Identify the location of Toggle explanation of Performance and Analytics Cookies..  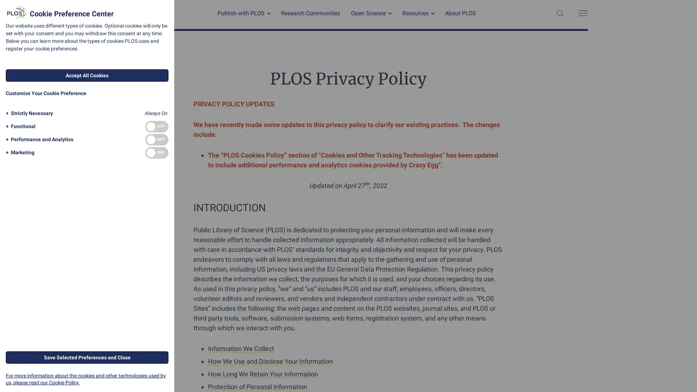
(38, 139).